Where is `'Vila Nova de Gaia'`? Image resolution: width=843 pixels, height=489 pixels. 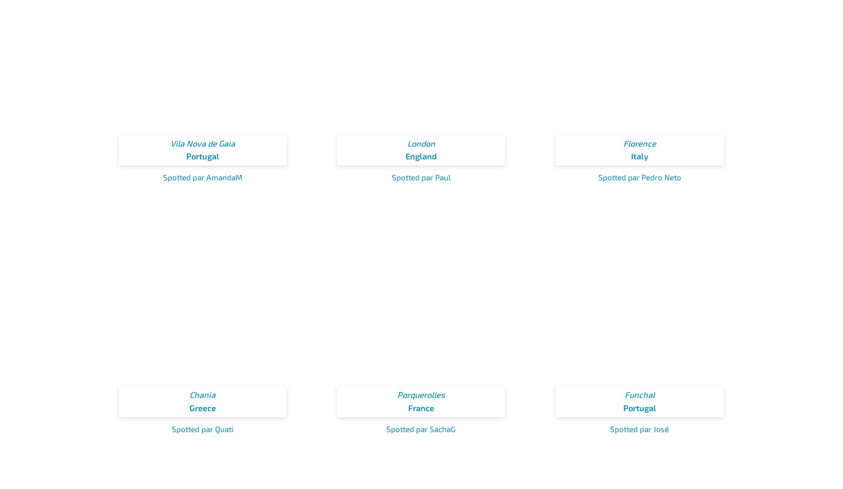
'Vila Nova de Gaia' is located at coordinates (202, 143).